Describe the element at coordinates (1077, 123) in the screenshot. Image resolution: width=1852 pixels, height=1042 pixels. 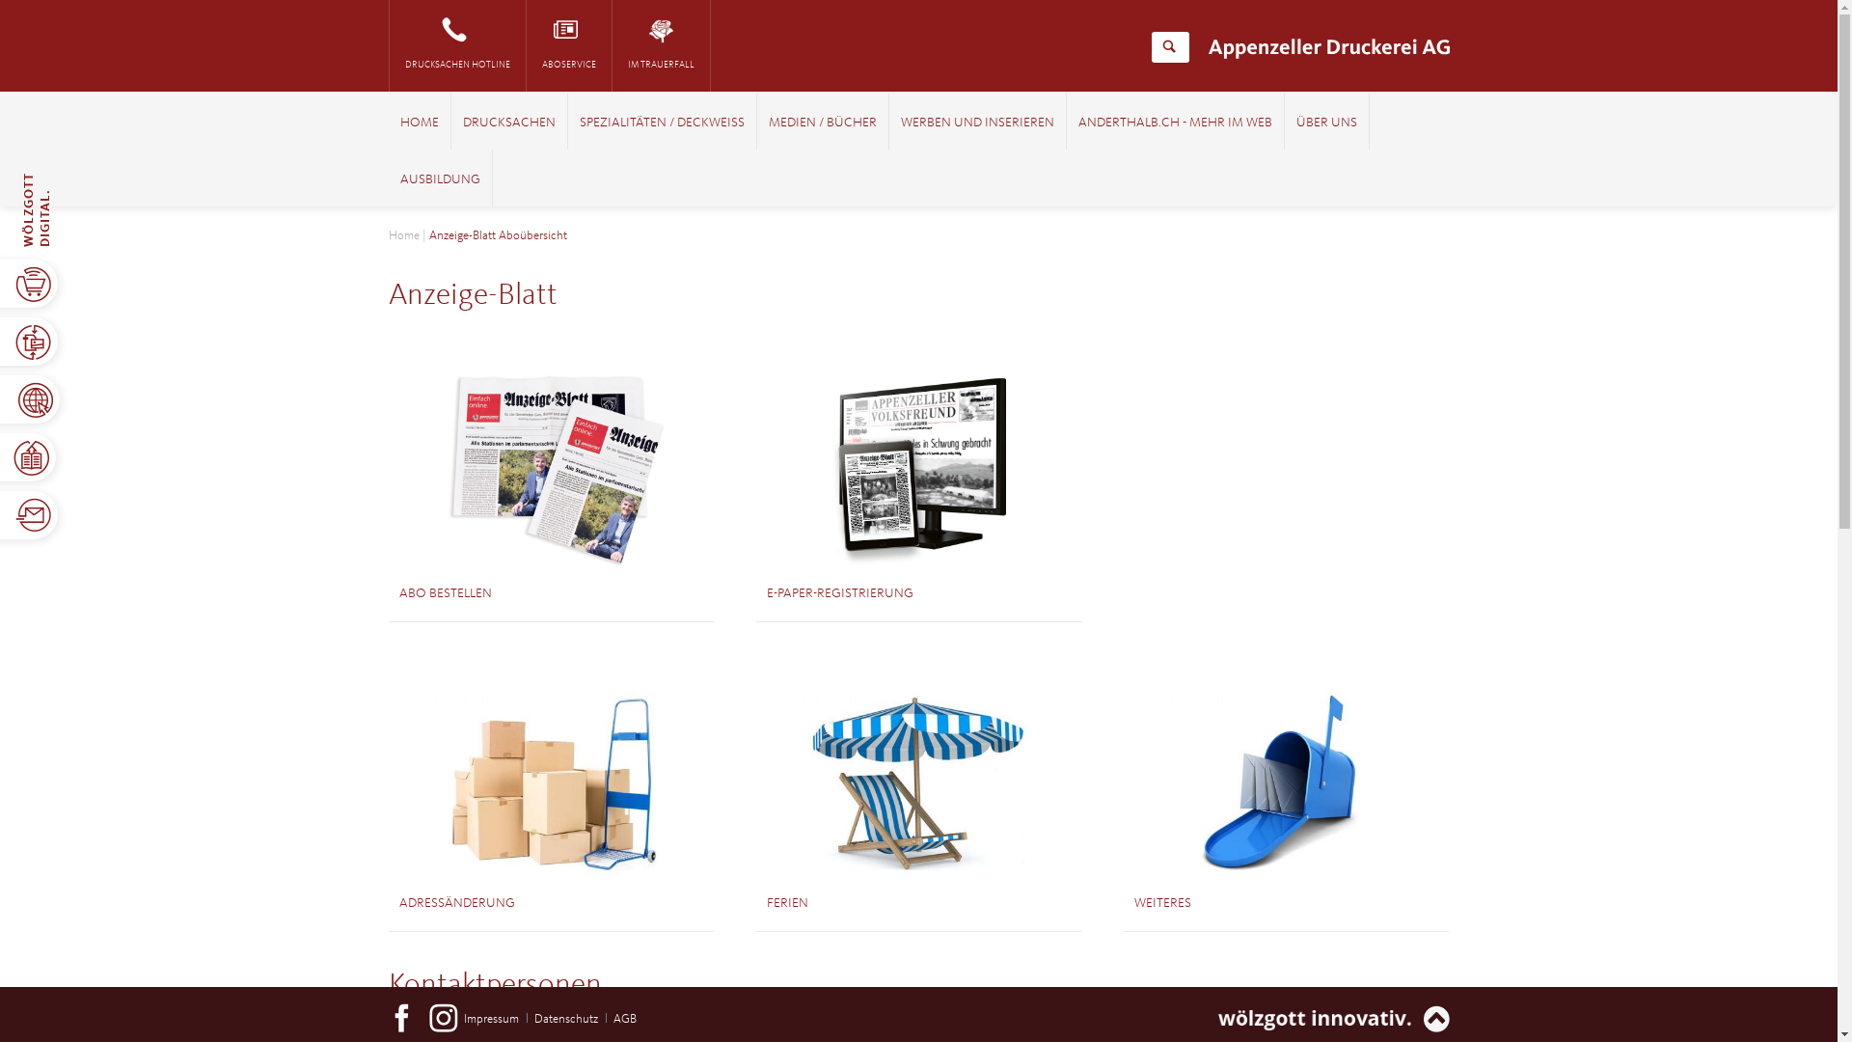
I see `'ANDERTHALB.CH - MEHR IM WEB'` at that location.